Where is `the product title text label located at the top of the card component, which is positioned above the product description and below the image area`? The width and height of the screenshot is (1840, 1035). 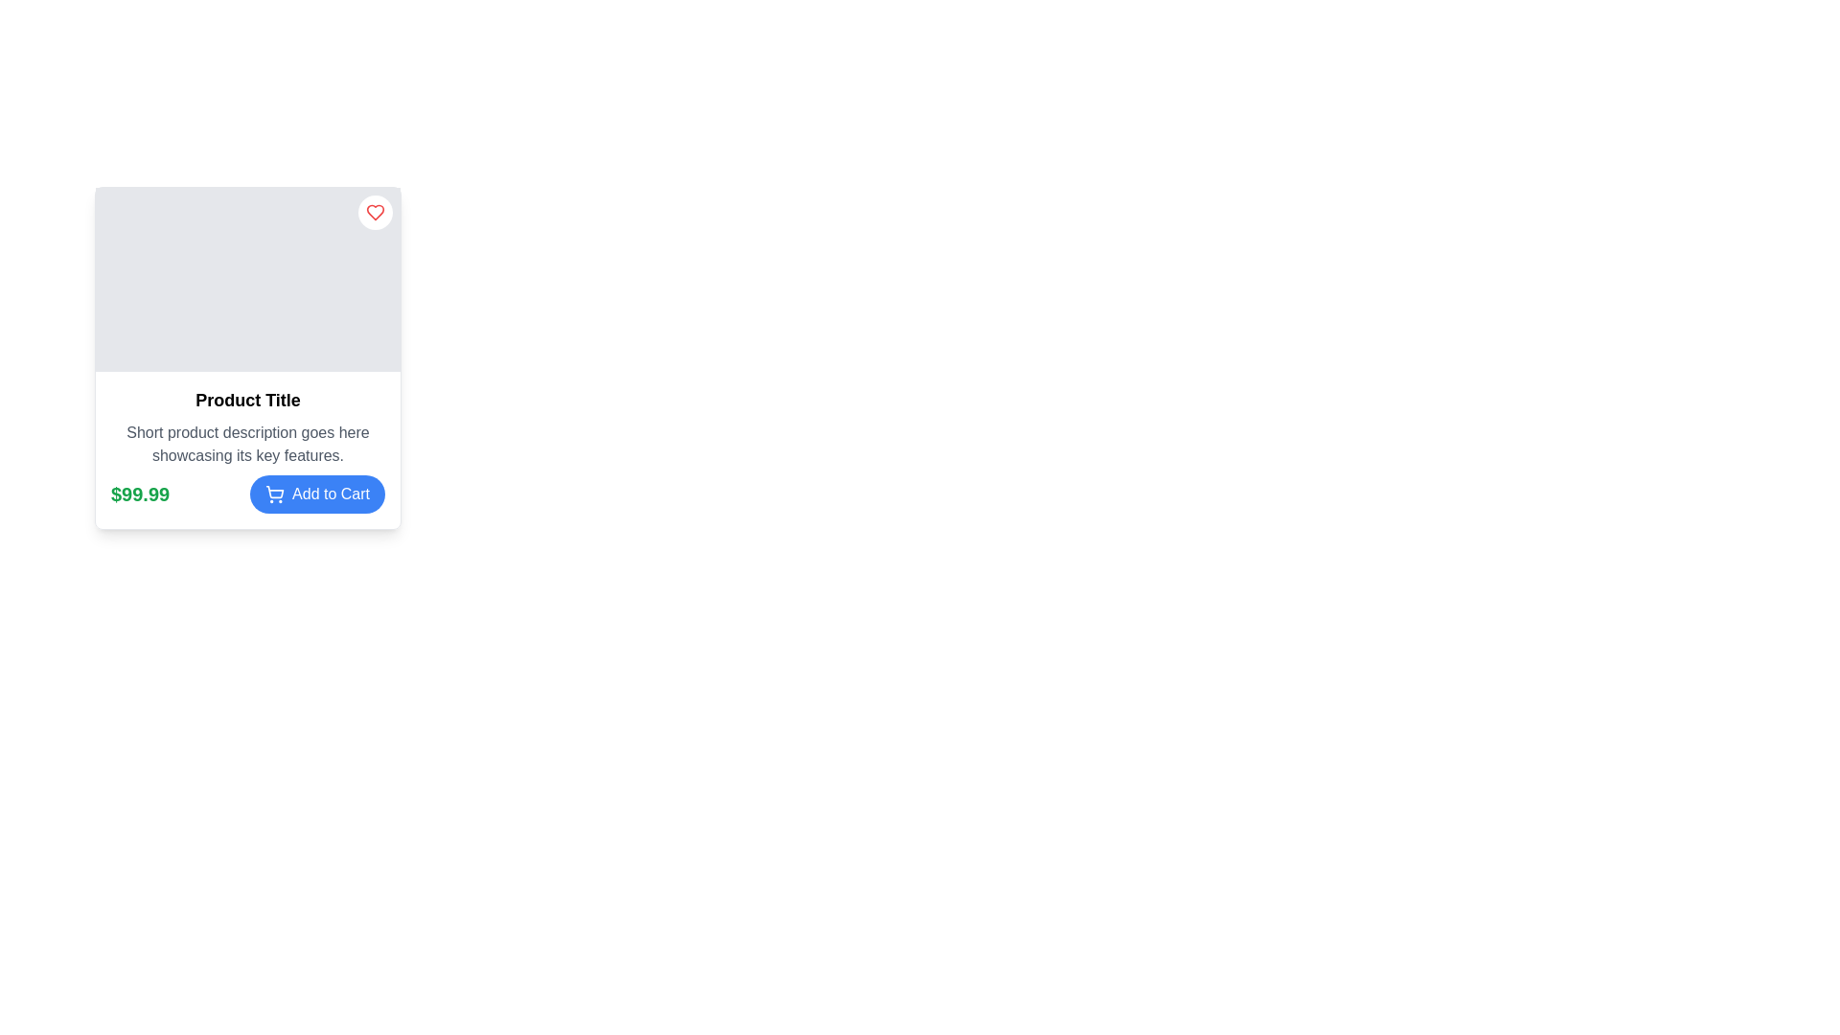 the product title text label located at the top of the card component, which is positioned above the product description and below the image area is located at coordinates (247, 399).